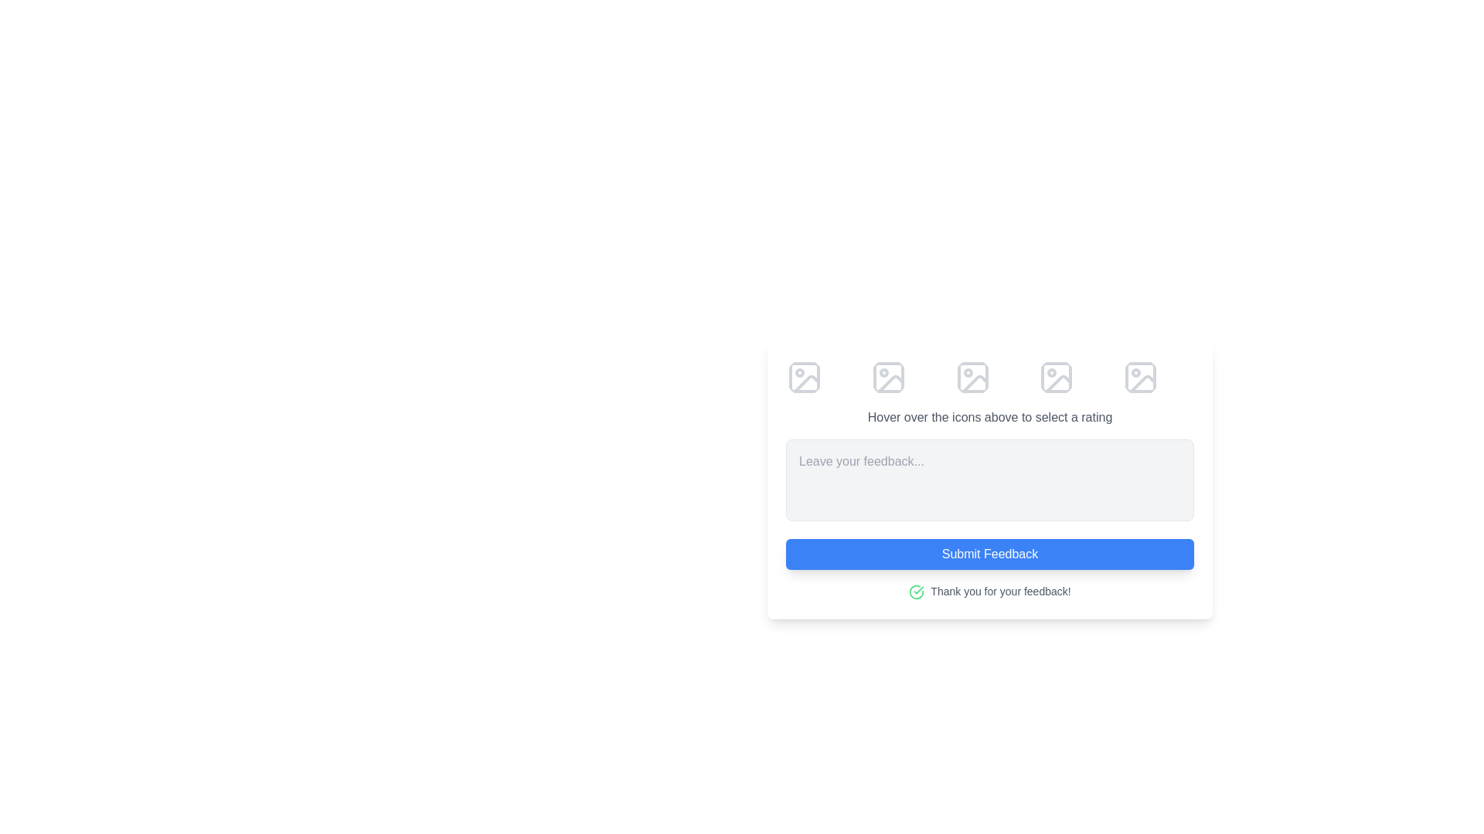 The image size is (1484, 834). I want to click on the fifth icon button in the horizontal grid layout, so click(1141, 378).